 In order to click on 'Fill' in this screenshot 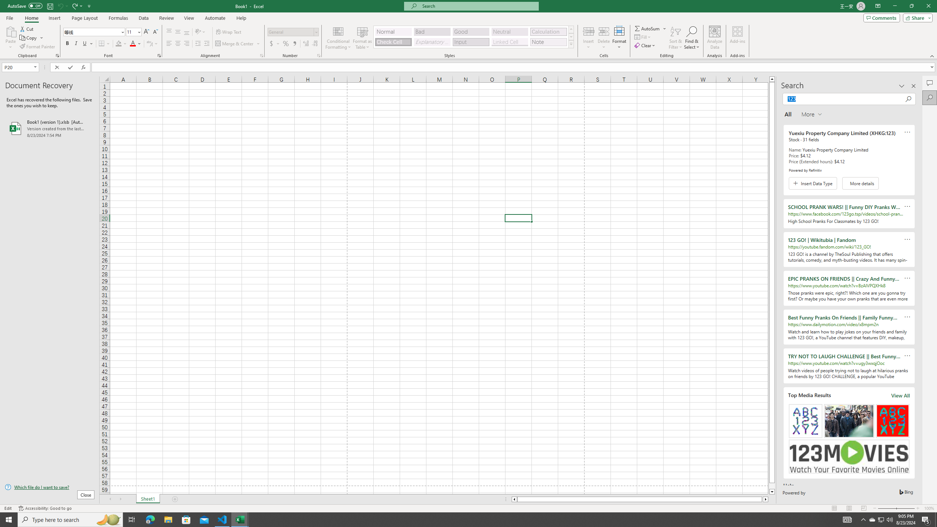, I will do `click(643, 36)`.